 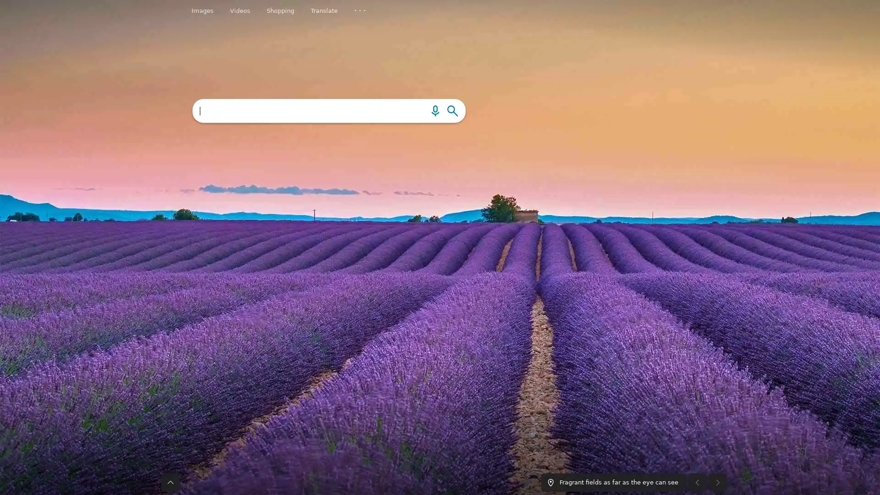 What do you see at coordinates (418, 110) in the screenshot?
I see `Search using voice` at bounding box center [418, 110].